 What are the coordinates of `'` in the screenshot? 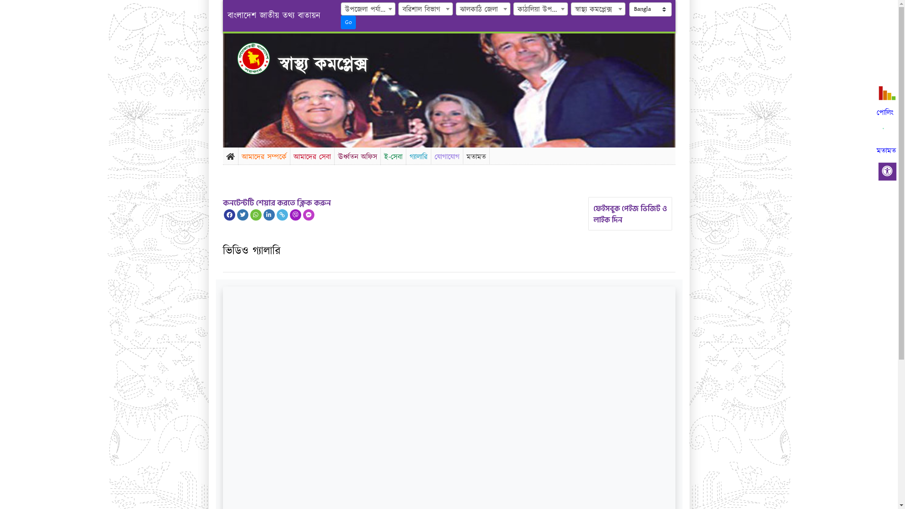 It's located at (261, 58).